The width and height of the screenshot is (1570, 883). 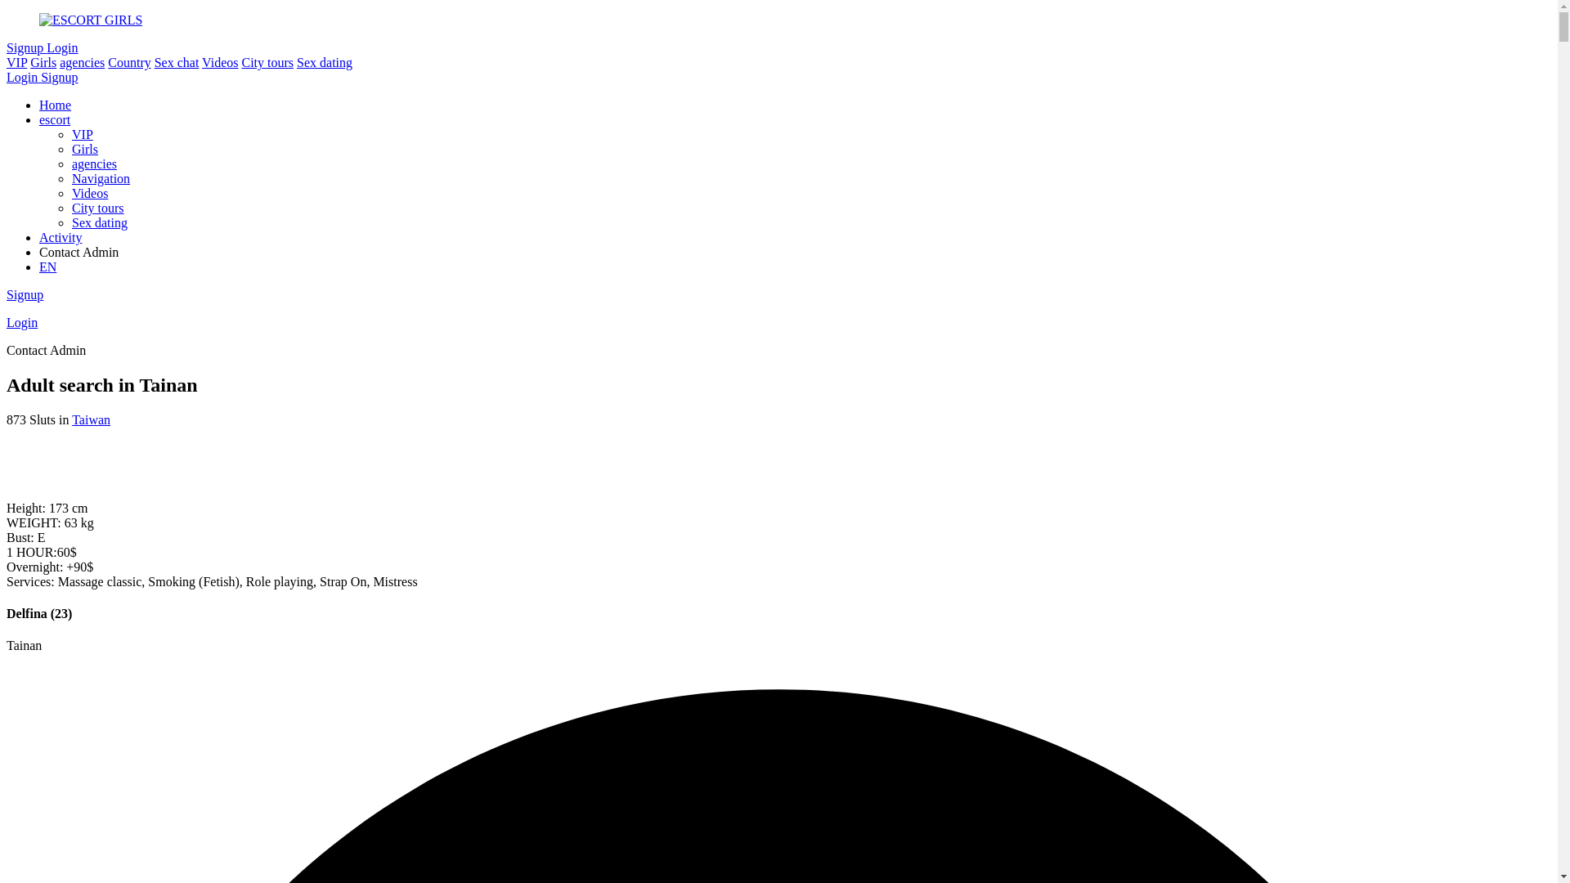 What do you see at coordinates (55, 119) in the screenshot?
I see `'escort'` at bounding box center [55, 119].